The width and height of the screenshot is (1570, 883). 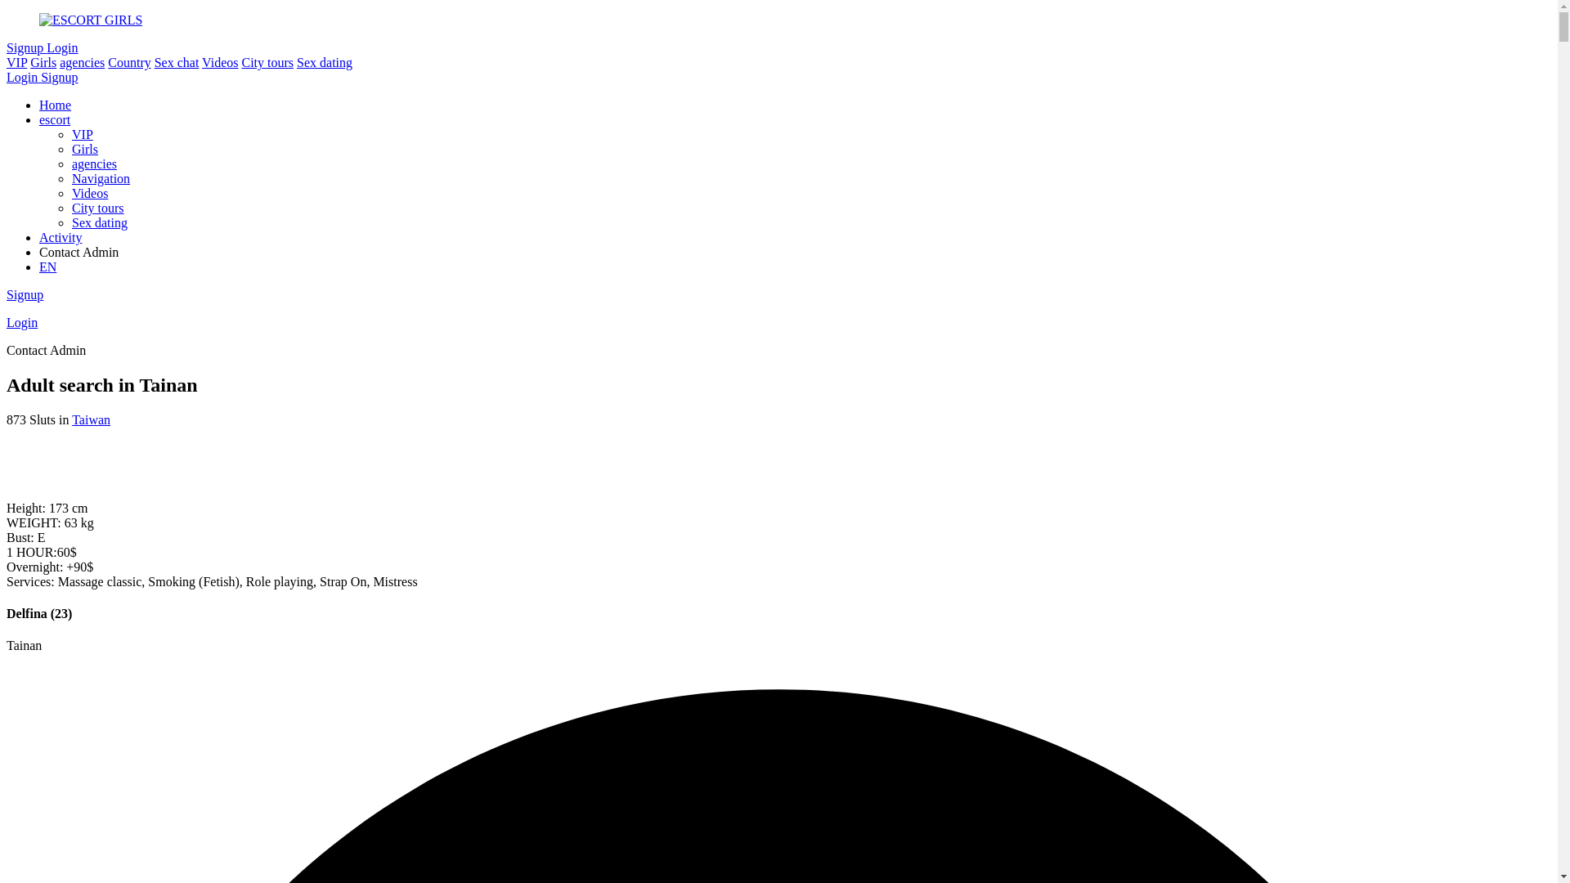 What do you see at coordinates (55, 119) in the screenshot?
I see `'escort'` at bounding box center [55, 119].